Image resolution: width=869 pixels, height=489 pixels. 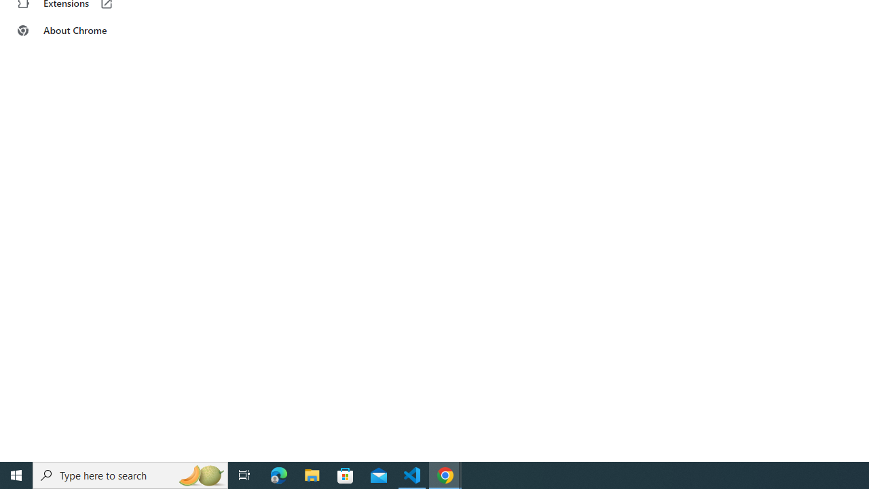 I want to click on 'File Explorer', so click(x=312, y=474).